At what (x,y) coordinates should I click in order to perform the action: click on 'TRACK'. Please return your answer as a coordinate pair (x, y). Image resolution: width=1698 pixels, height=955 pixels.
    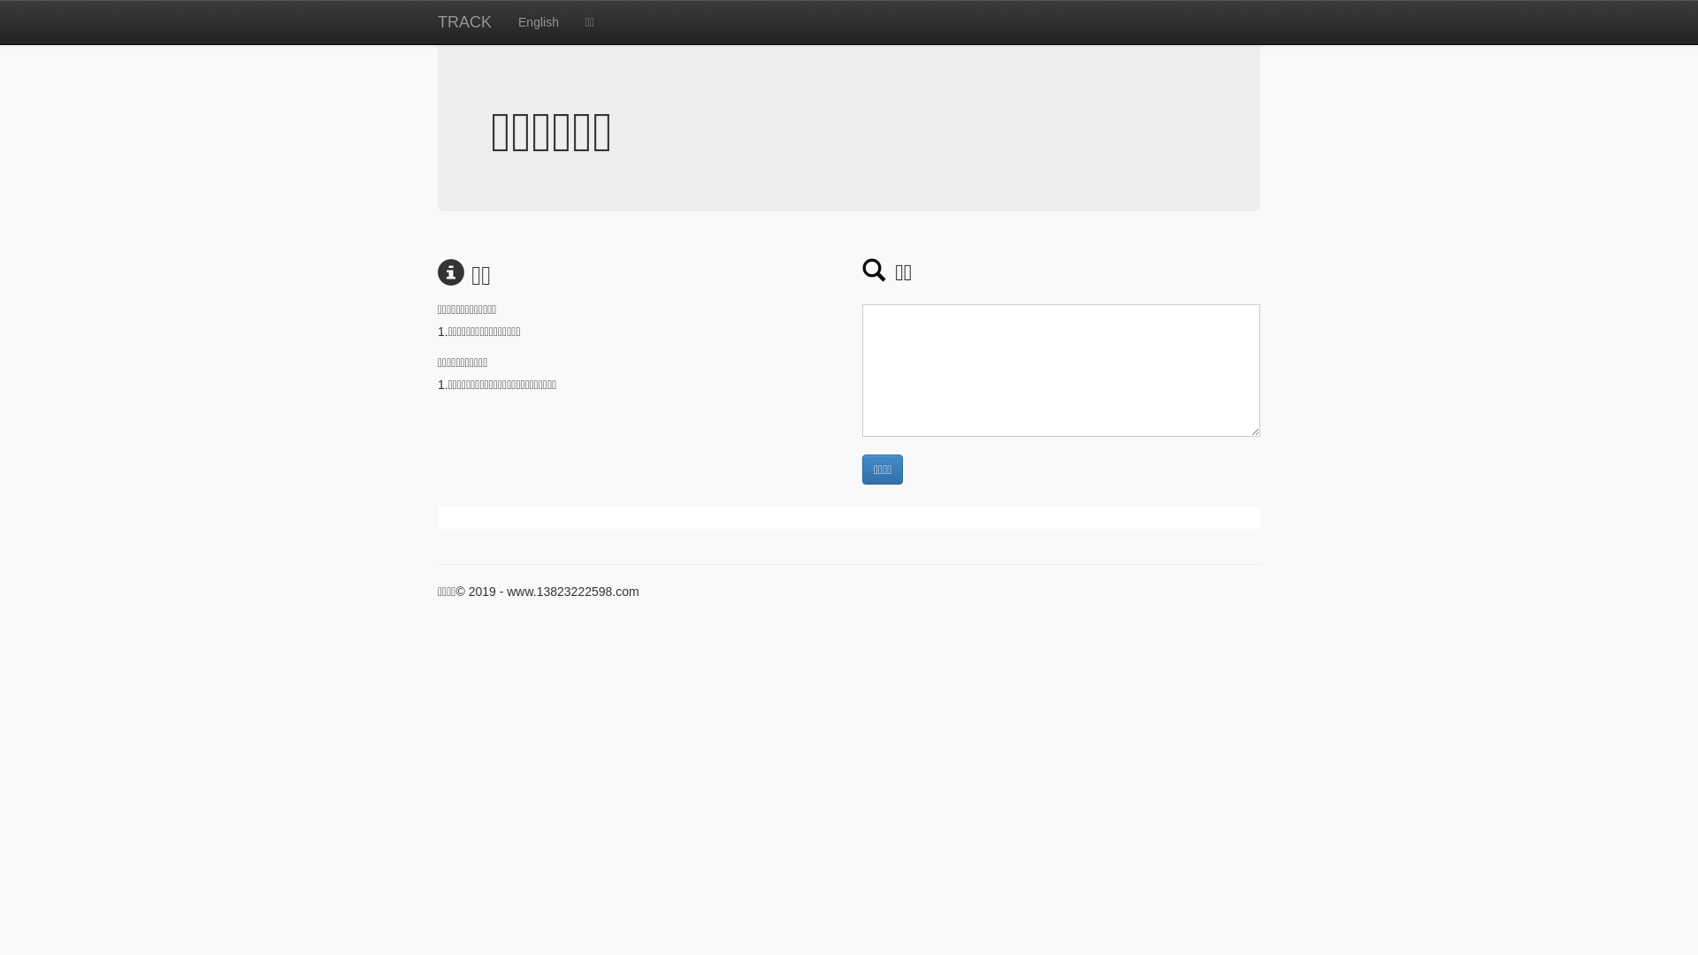
    Looking at the image, I should click on (464, 21).